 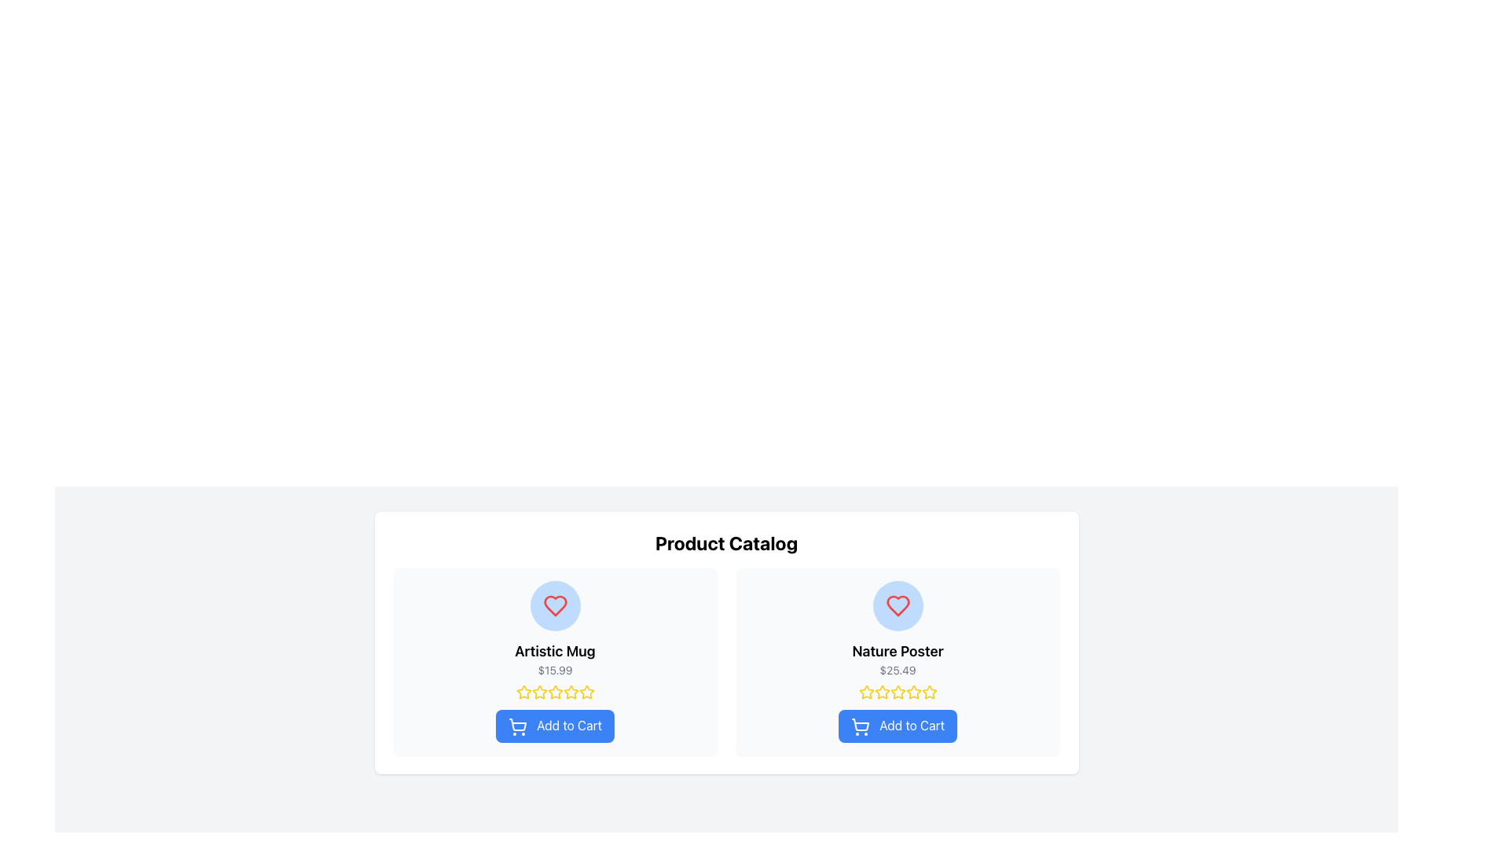 What do you see at coordinates (898, 605) in the screenshot?
I see `the heart-shaped icon representing favorite functionality located within the left tile labeled 'Artistic Mug'` at bounding box center [898, 605].